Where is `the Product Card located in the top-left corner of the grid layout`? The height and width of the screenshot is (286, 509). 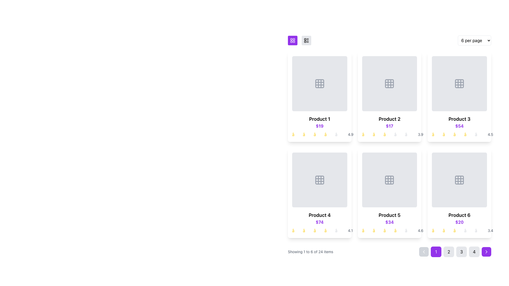 the Product Card located in the top-left corner of the grid layout is located at coordinates (319, 97).